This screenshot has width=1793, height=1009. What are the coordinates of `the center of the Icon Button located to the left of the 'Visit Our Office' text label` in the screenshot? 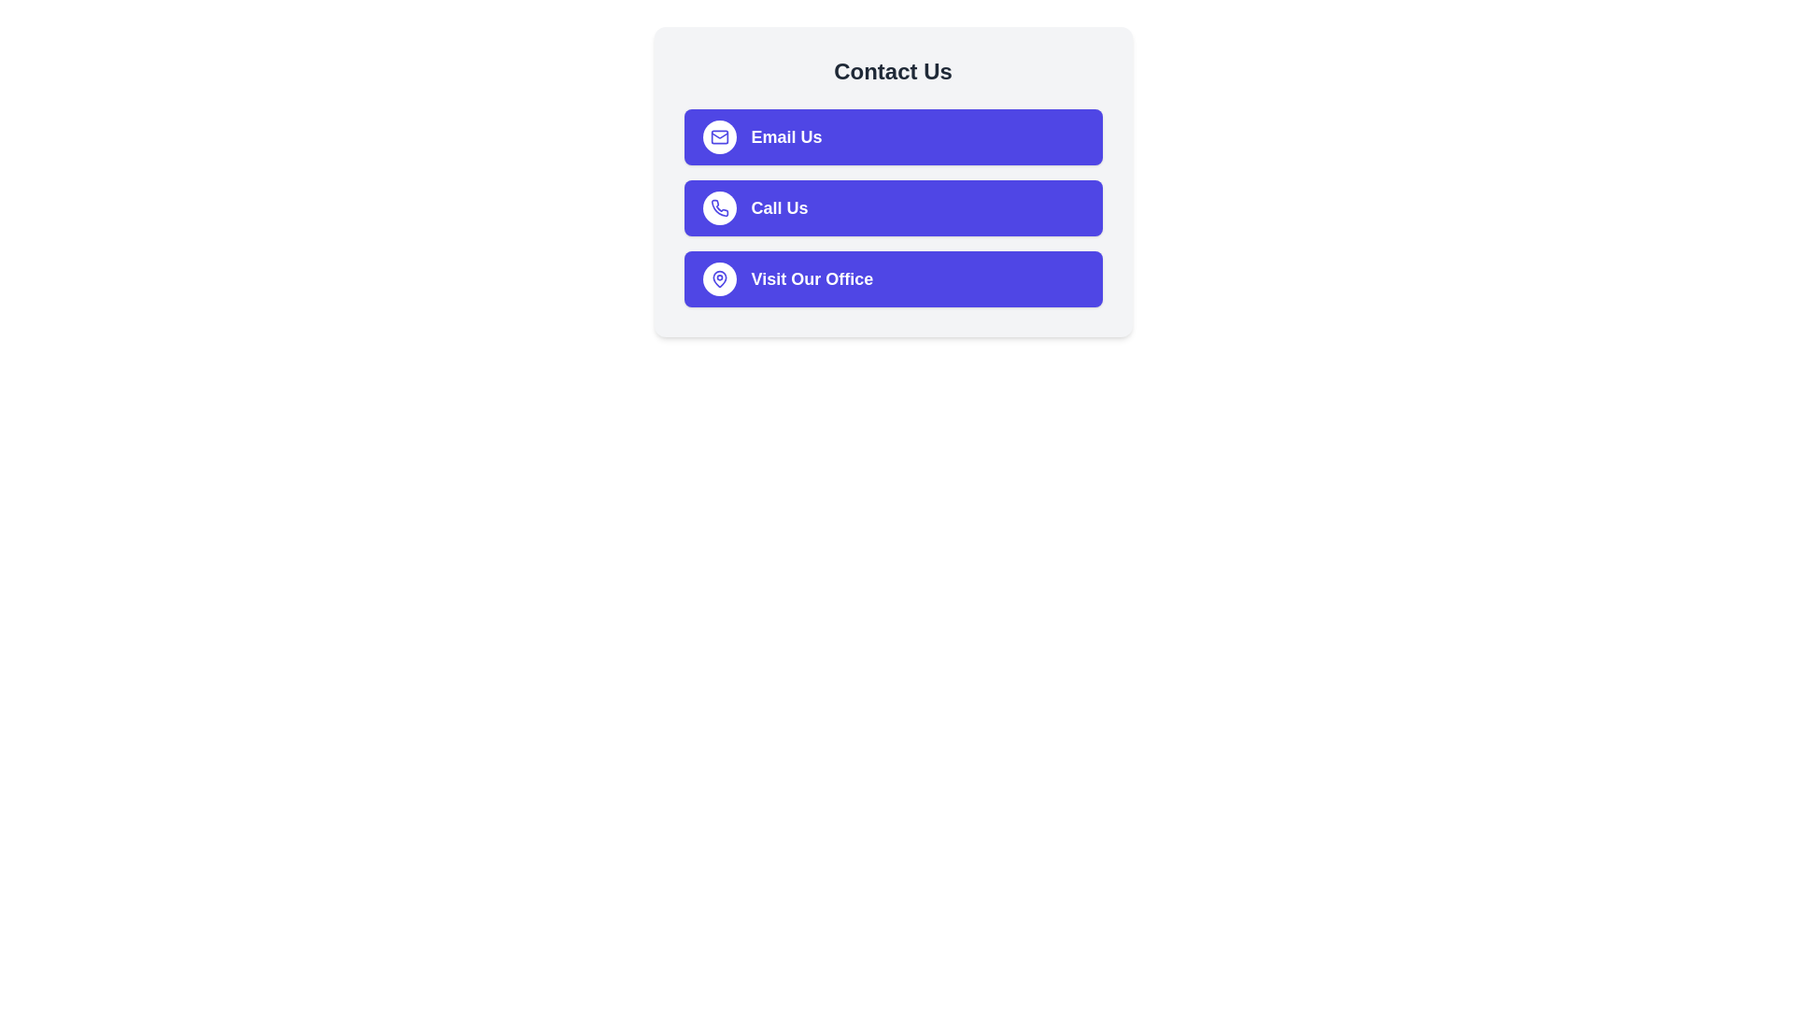 It's located at (718, 279).